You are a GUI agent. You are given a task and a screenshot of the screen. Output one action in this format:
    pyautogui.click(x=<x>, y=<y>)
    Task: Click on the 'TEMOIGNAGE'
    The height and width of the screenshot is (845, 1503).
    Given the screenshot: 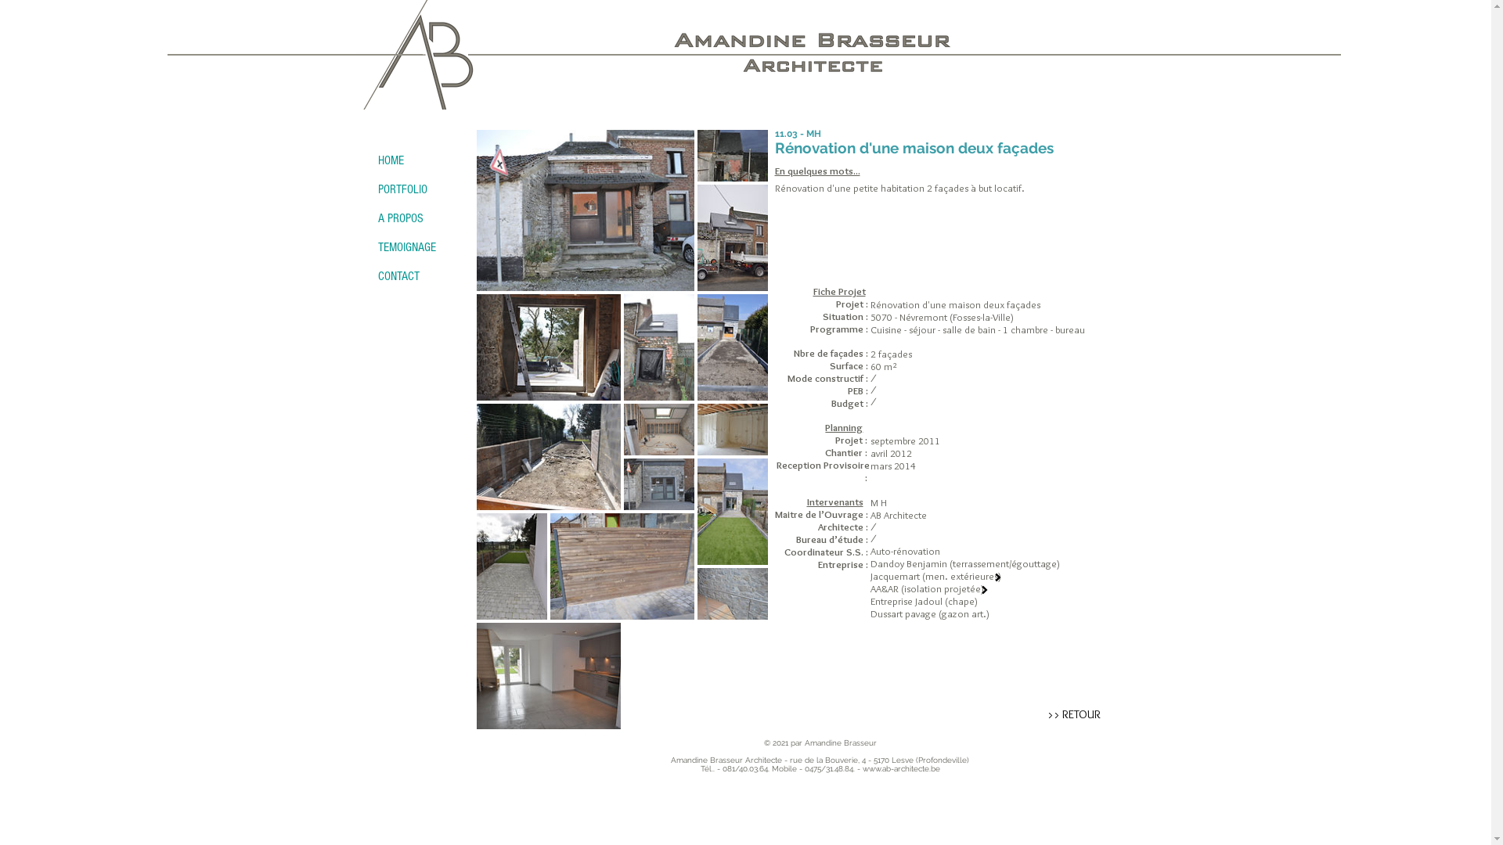 What is the action you would take?
    pyautogui.click(x=420, y=246)
    